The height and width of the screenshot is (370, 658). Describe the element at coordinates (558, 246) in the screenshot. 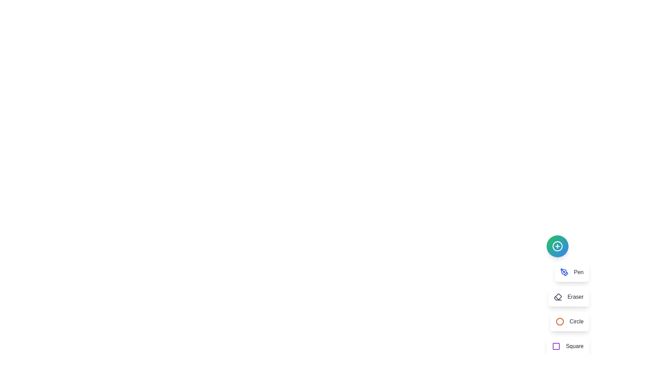

I see `the round button to toggle the visibility of the tool menu` at that location.